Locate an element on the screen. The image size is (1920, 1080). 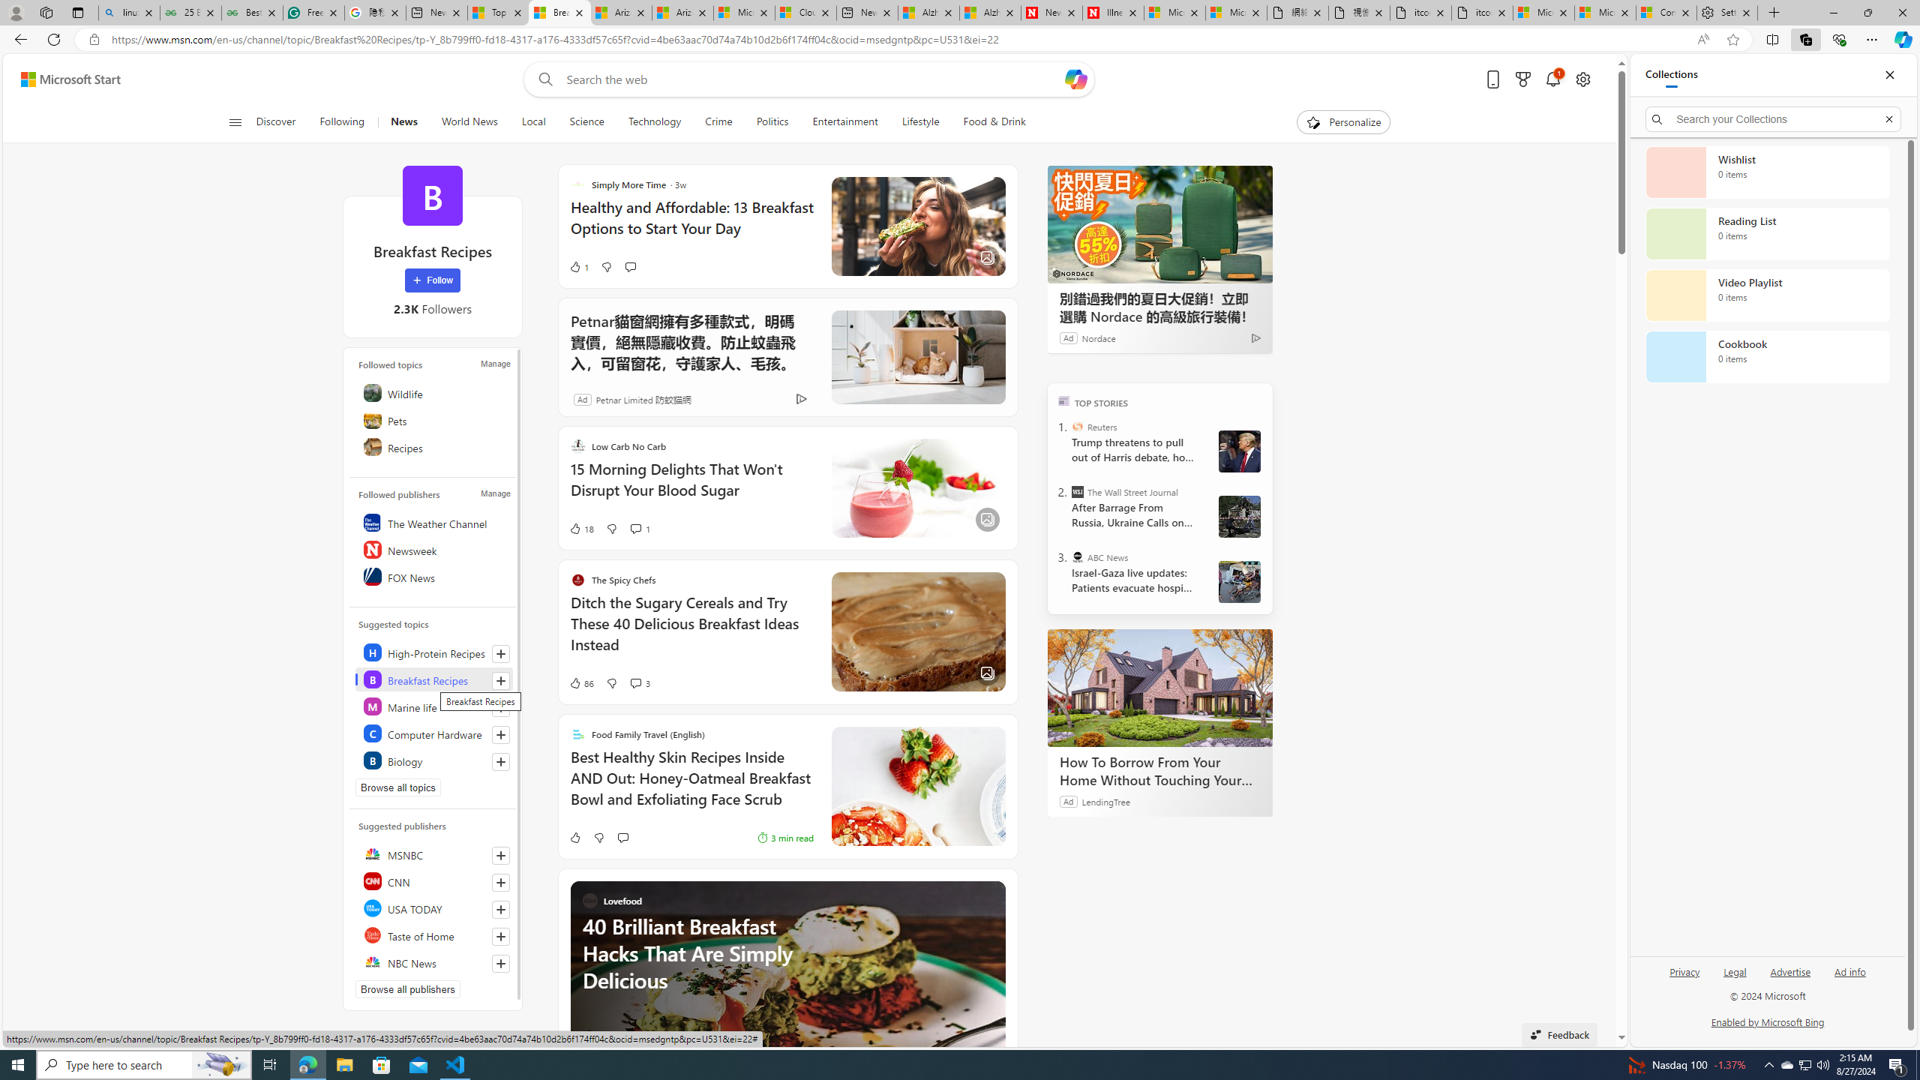
'Politics' is located at coordinates (772, 121).